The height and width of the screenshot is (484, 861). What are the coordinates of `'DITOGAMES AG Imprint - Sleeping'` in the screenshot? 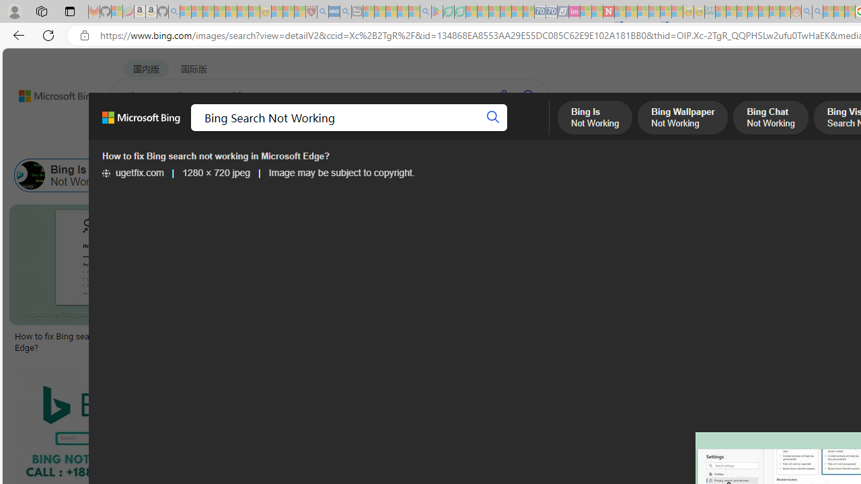 It's located at (710, 11).